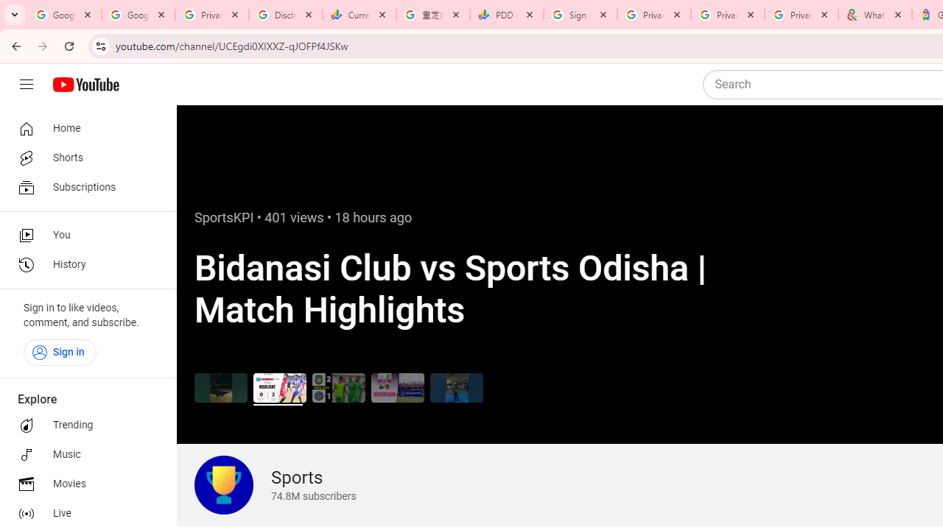  Describe the element at coordinates (83, 513) in the screenshot. I see `'Live'` at that location.